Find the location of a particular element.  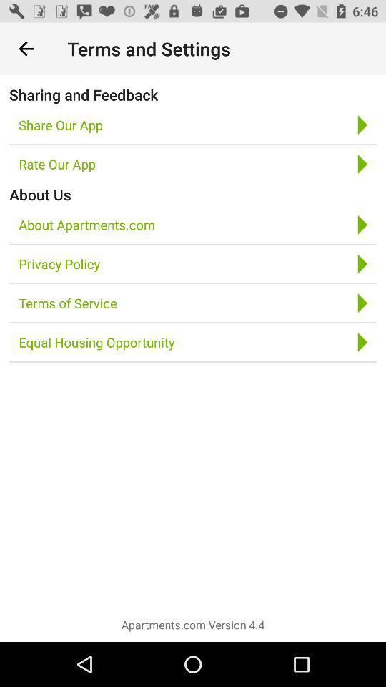

the icon below privacy policy item is located at coordinates (67, 303).